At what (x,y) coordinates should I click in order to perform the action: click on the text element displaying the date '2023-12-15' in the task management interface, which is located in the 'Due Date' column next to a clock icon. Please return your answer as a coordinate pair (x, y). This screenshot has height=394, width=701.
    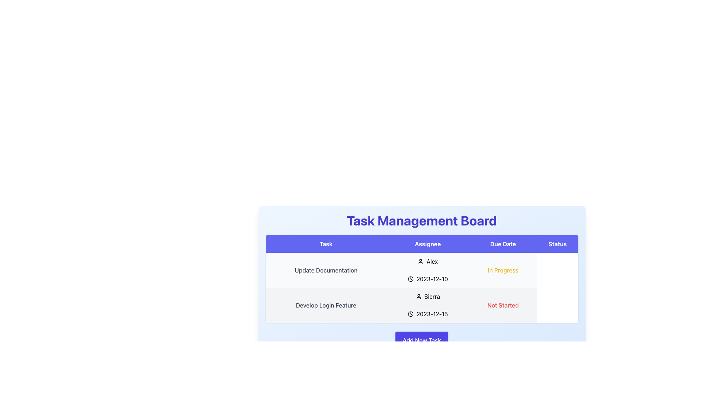
    Looking at the image, I should click on (432, 313).